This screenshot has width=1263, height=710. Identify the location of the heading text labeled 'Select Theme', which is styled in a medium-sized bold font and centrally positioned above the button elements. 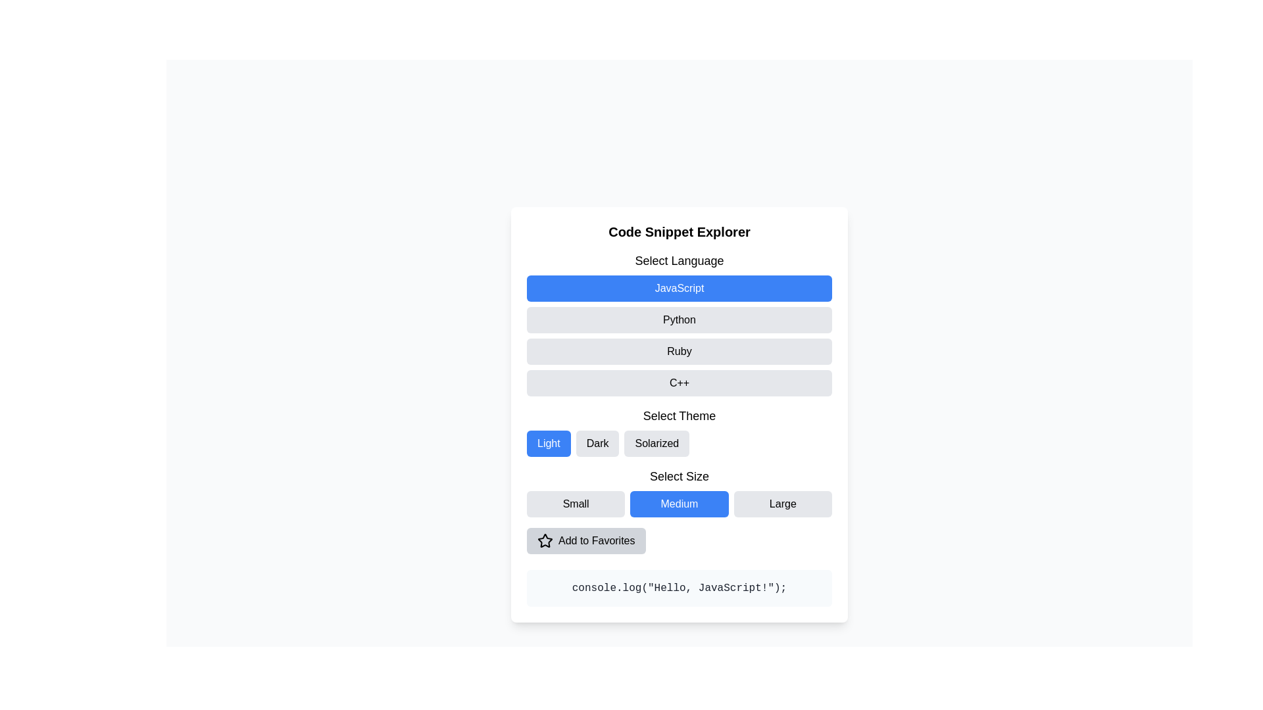
(679, 415).